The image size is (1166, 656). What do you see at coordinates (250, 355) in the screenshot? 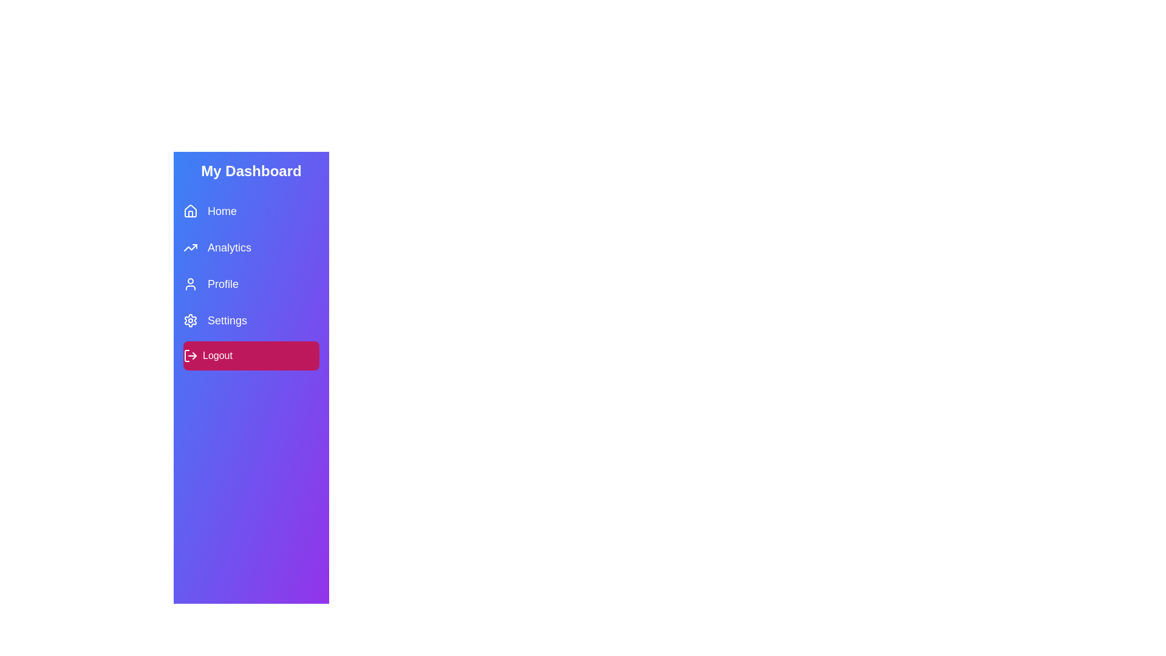
I see `the logout button located at the bottom of the sidebar to log out of the current session` at bounding box center [250, 355].